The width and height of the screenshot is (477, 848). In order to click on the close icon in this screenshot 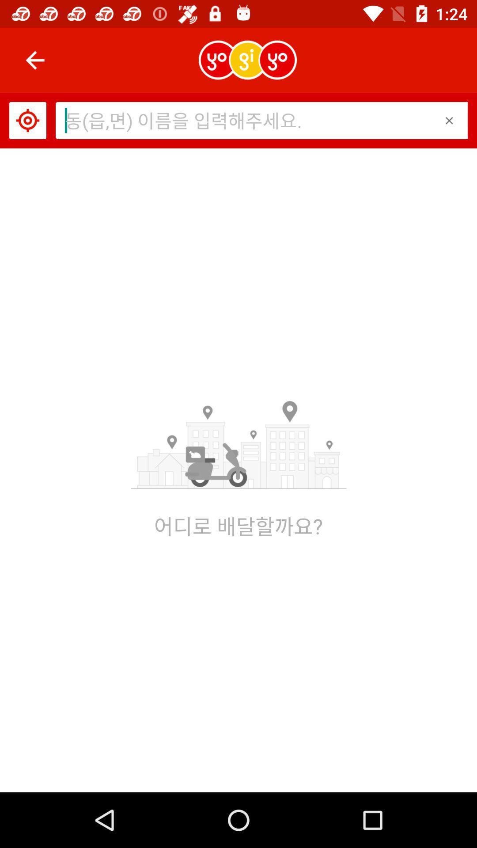, I will do `click(449, 120)`.